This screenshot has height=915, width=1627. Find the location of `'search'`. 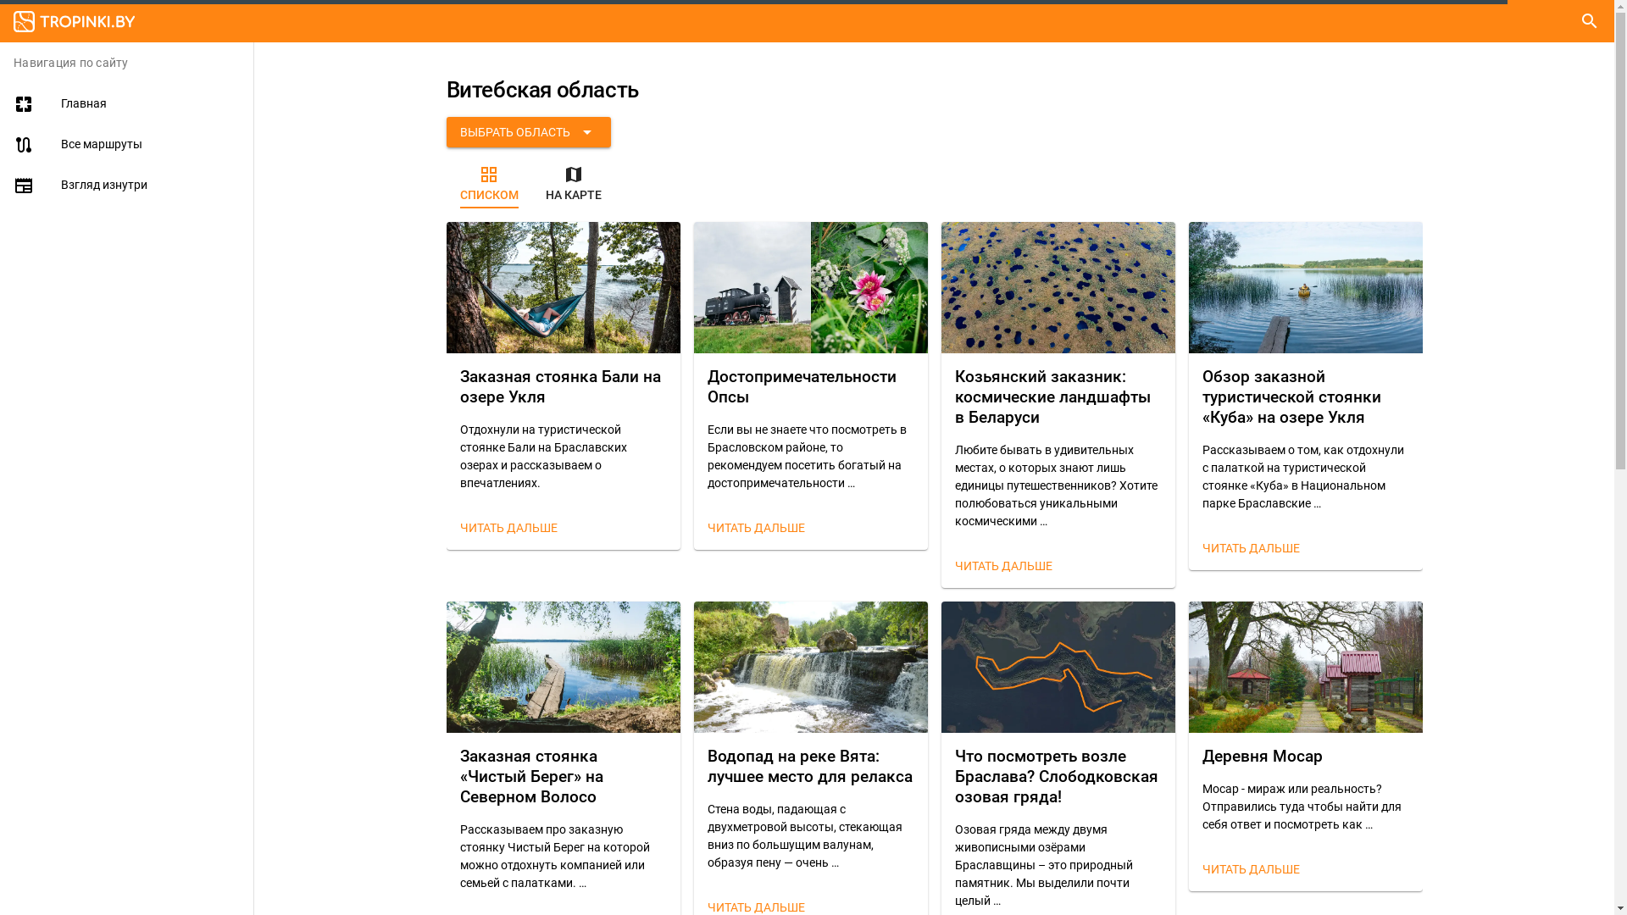

'search' is located at coordinates (1589, 20).